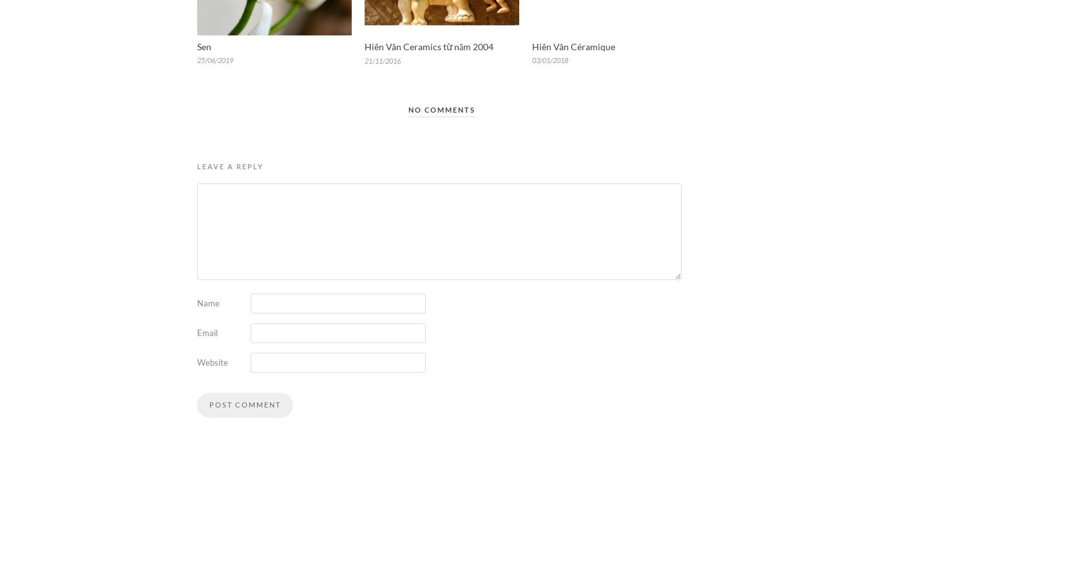  Describe the element at coordinates (532, 59) in the screenshot. I see `'03/01/2018'` at that location.